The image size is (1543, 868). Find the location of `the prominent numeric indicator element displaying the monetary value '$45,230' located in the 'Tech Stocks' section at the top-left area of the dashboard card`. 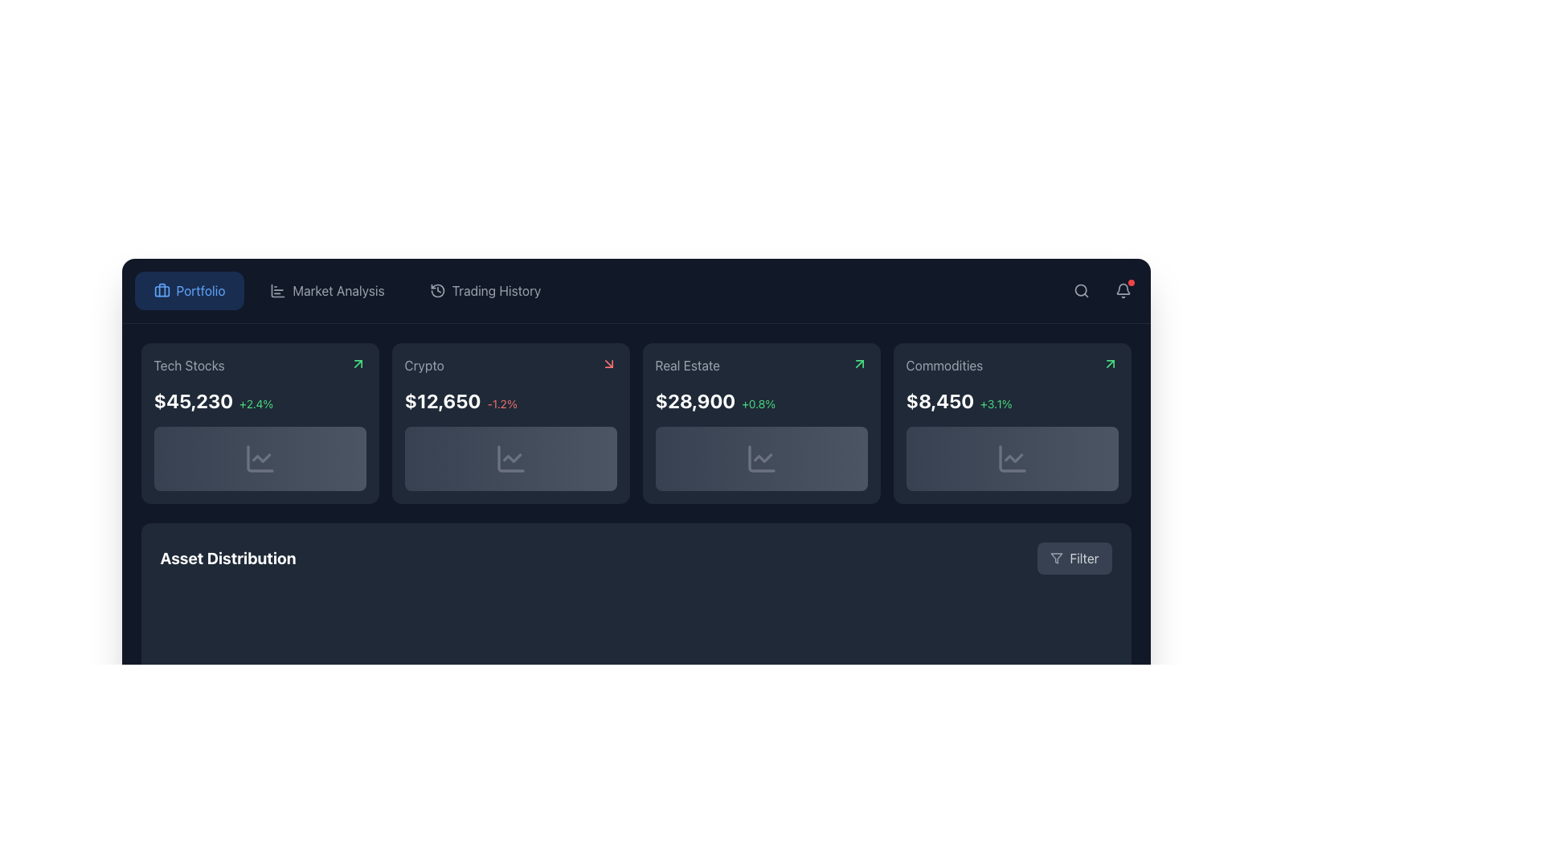

the prominent numeric indicator element displaying the monetary value '$45,230' located in the 'Tech Stocks' section at the top-left area of the dashboard card is located at coordinates (193, 399).